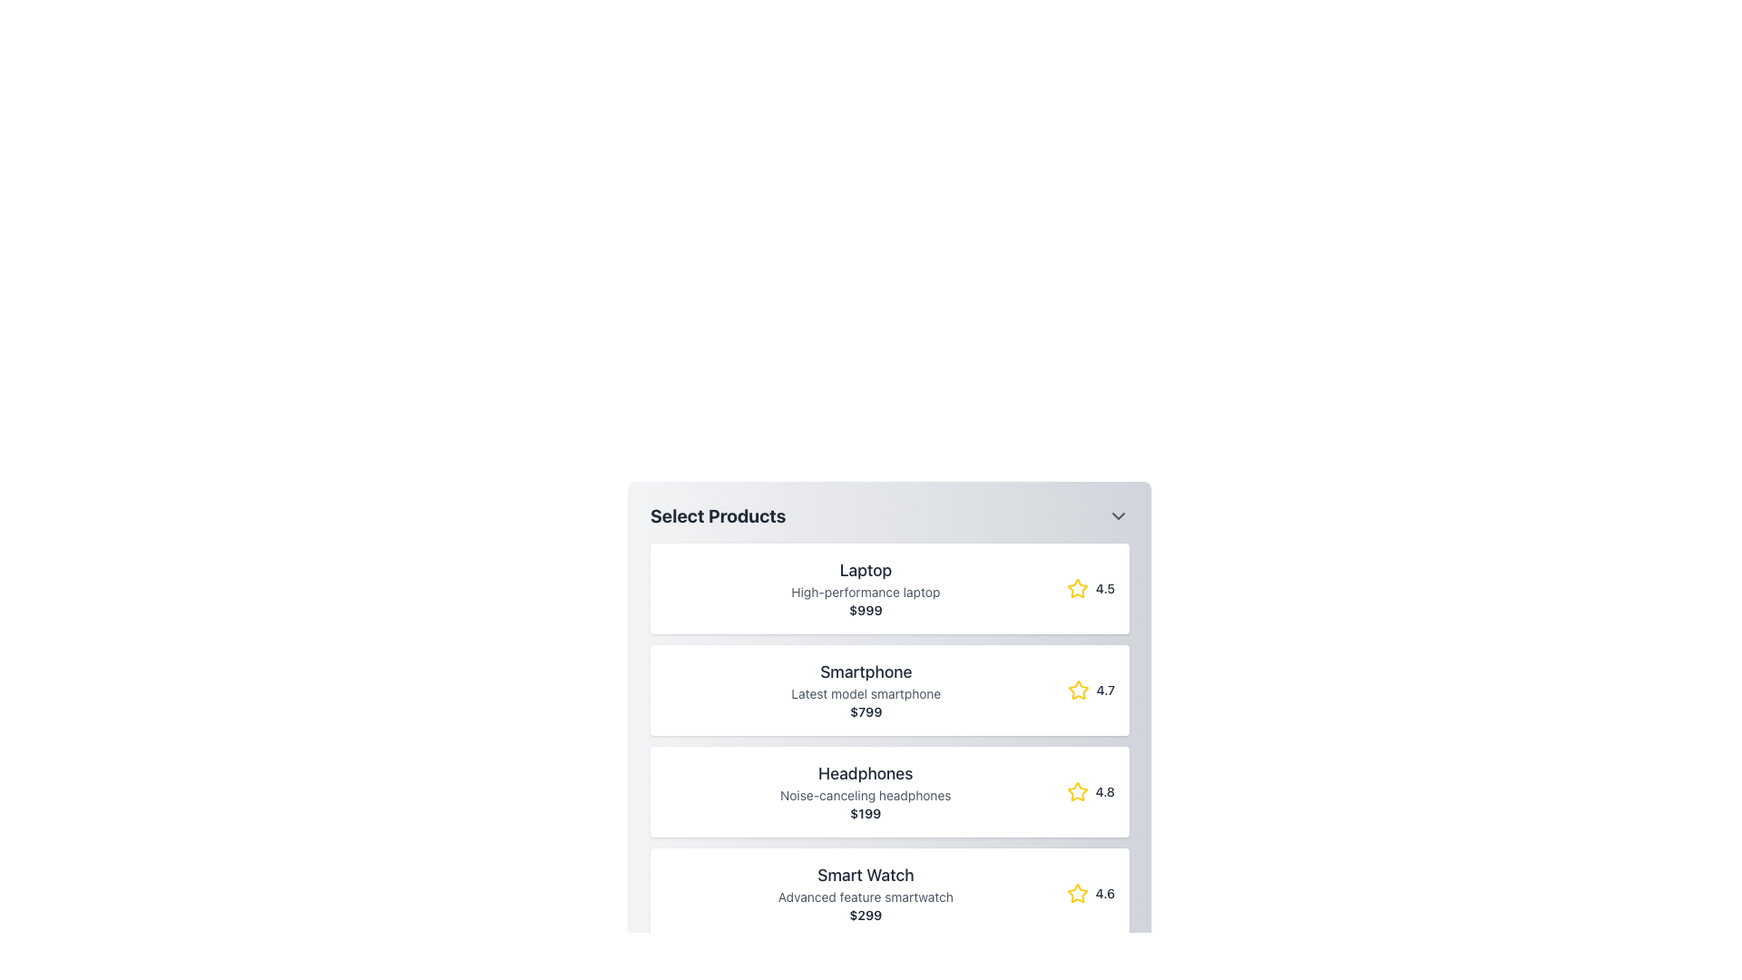  I want to click on the rating display for the 'Smartphone' product, so click(1090, 690).